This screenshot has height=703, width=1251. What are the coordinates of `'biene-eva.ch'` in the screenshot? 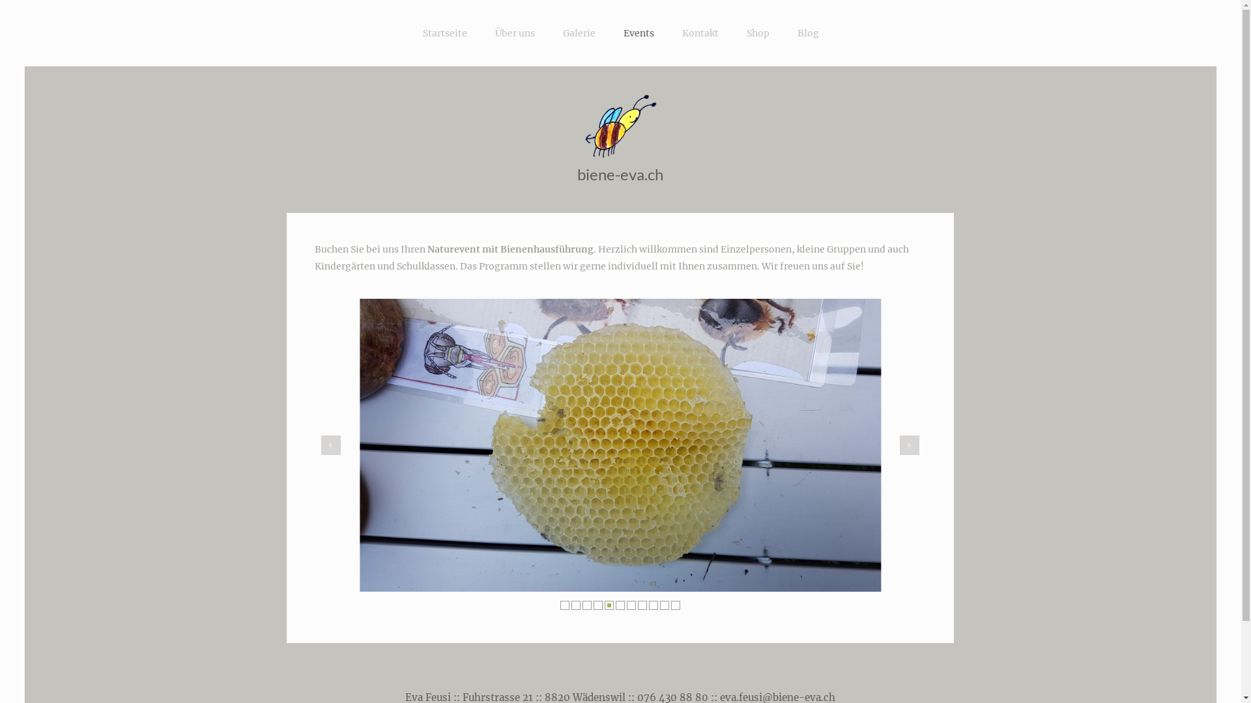 It's located at (577, 173).